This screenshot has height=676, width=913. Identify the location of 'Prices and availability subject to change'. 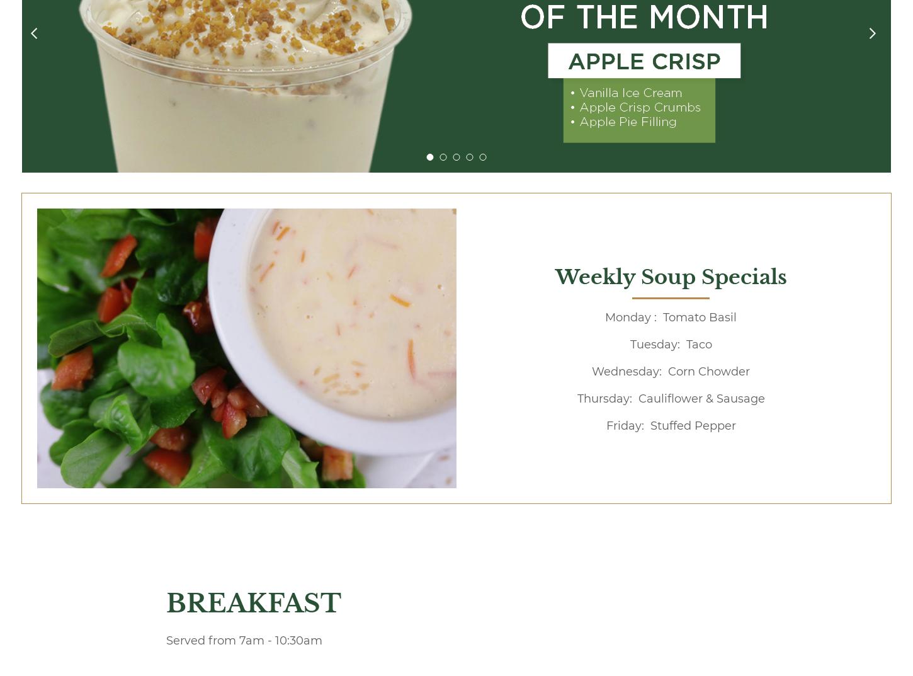
(280, 29).